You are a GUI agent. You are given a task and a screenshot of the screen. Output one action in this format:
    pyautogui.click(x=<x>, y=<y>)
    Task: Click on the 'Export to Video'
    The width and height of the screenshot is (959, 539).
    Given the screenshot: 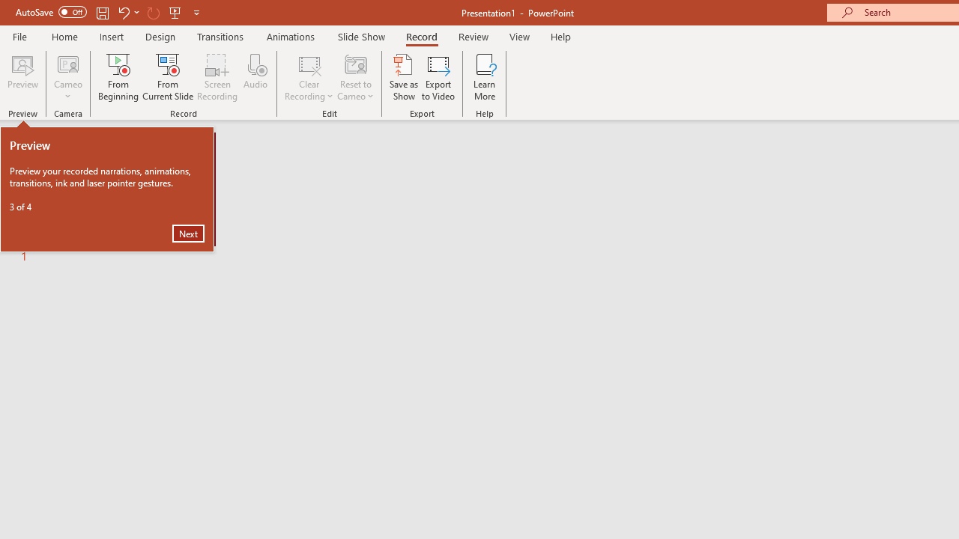 What is the action you would take?
    pyautogui.click(x=438, y=77)
    